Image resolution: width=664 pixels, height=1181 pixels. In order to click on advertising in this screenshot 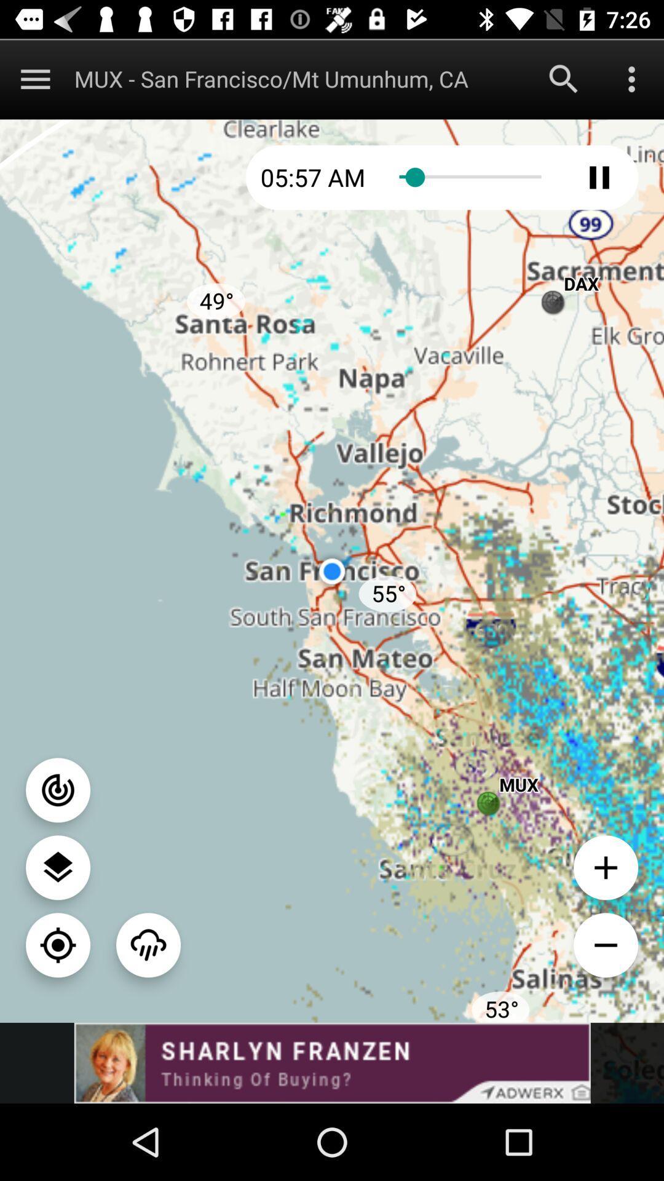, I will do `click(332, 1062)`.